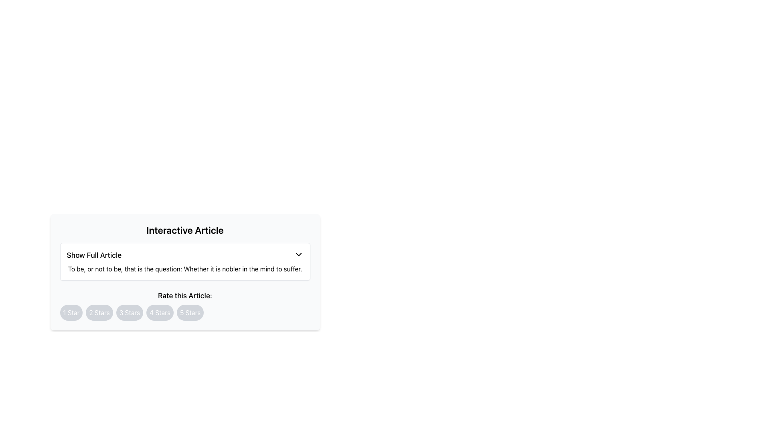 The image size is (770, 433). Describe the element at coordinates (190, 312) in the screenshot. I see `the circular button labeled '5 Stars'` at that location.